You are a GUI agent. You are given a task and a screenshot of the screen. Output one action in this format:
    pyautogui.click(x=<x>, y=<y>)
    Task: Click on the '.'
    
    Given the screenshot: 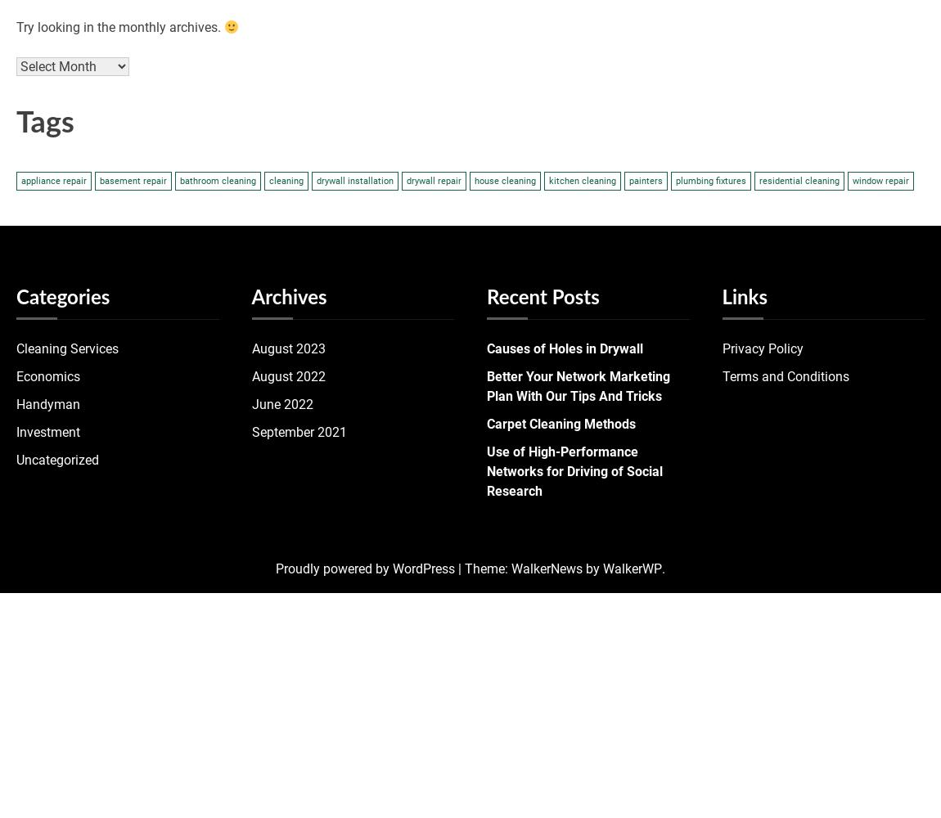 What is the action you would take?
    pyautogui.click(x=662, y=568)
    